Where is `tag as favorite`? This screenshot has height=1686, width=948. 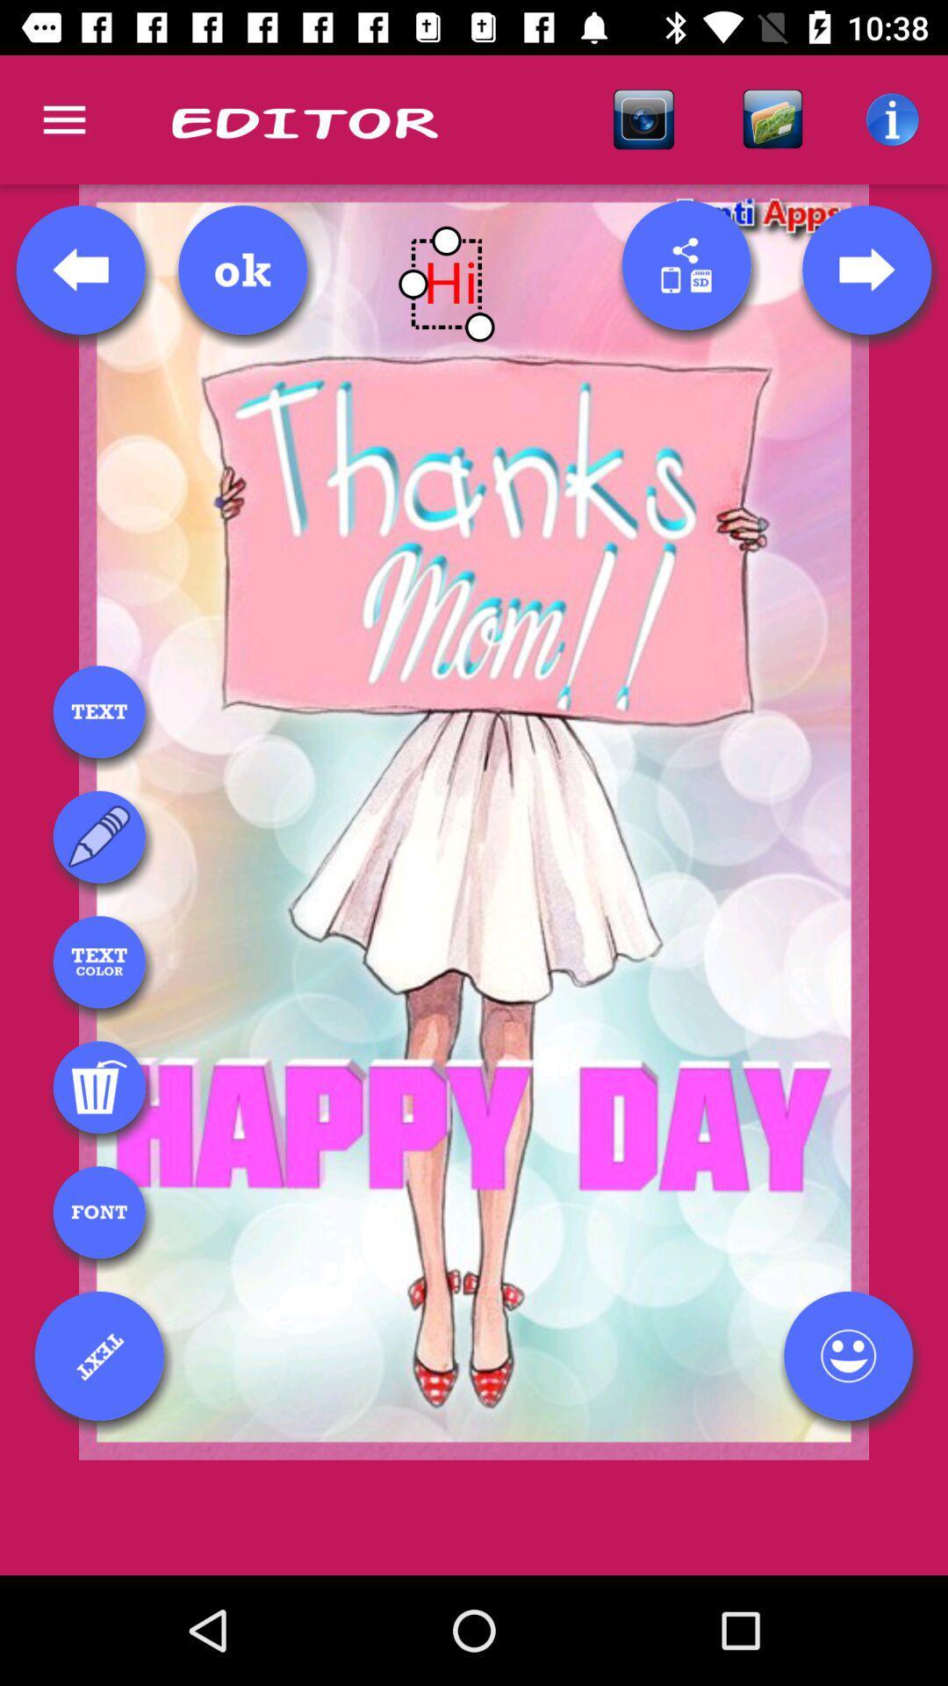
tag as favorite is located at coordinates (847, 1355).